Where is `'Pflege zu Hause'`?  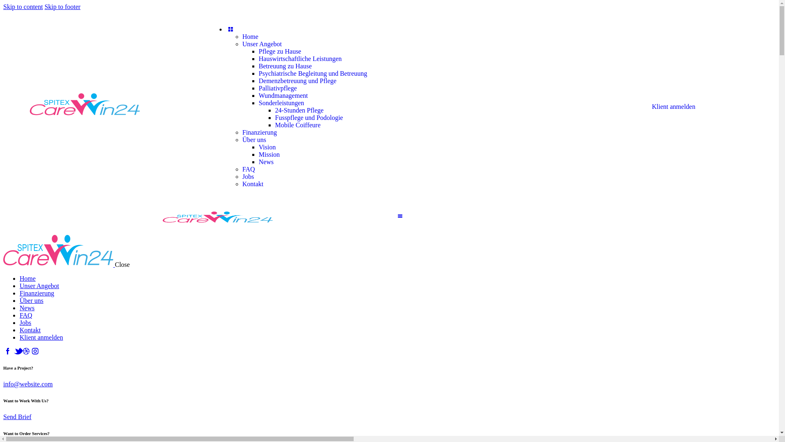
'Pflege zu Hause' is located at coordinates (280, 51).